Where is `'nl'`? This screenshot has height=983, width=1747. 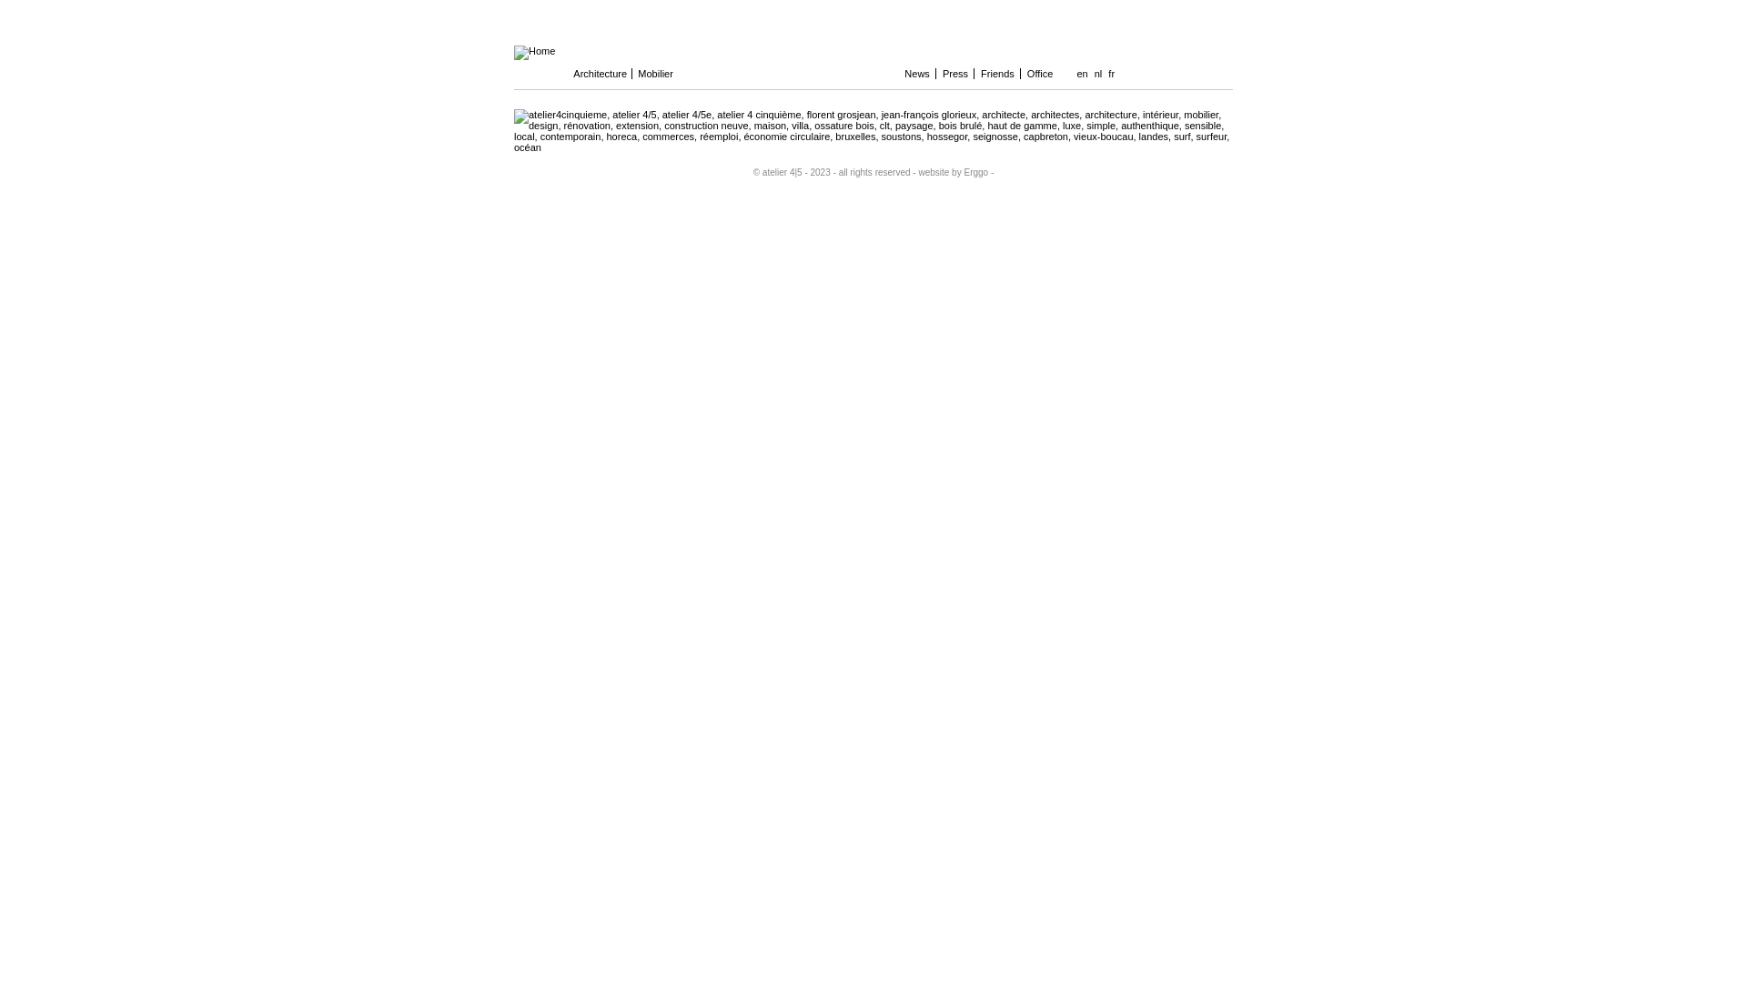
'nl' is located at coordinates (1097, 73).